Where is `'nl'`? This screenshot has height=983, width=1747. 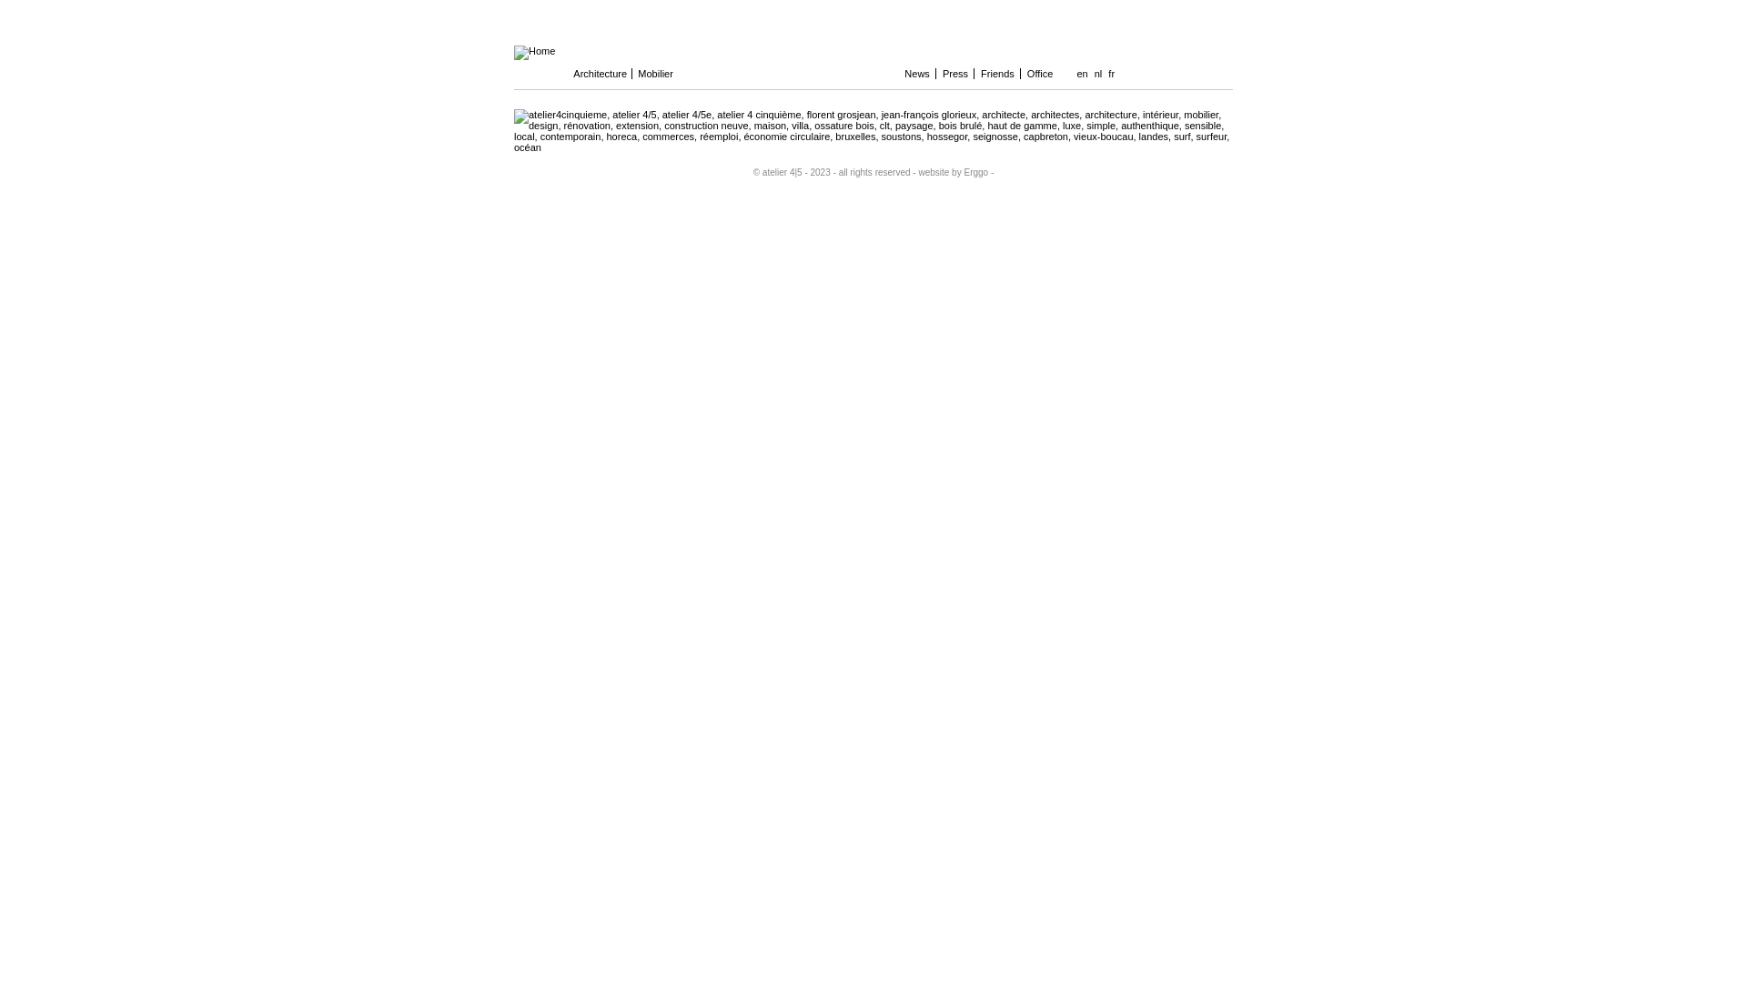
'nl' is located at coordinates (1097, 73).